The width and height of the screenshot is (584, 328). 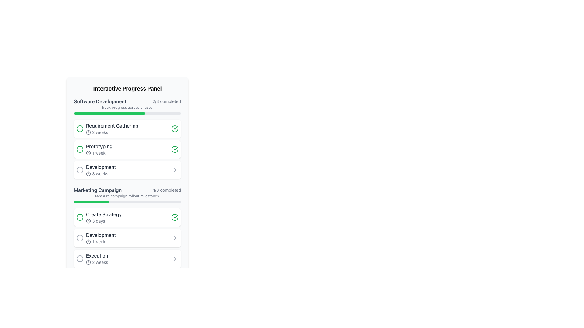 I want to click on the interactive icon located within the 'Development' button, so click(x=175, y=259).